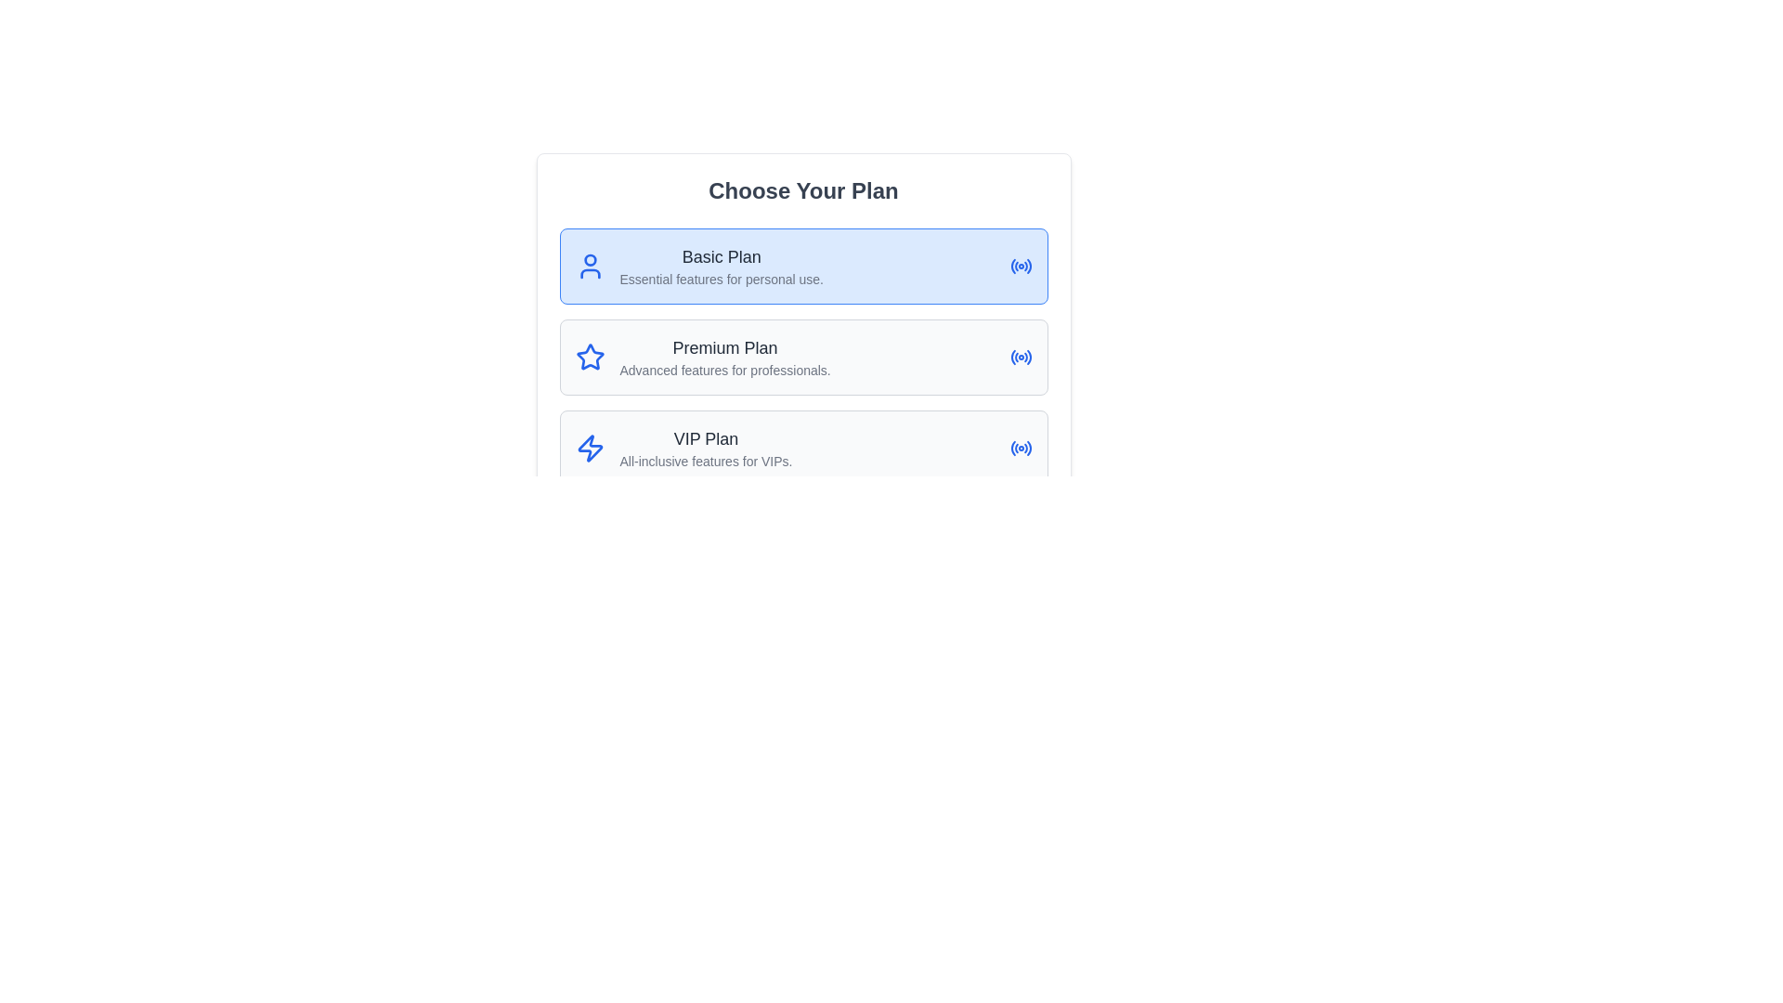 This screenshot has height=1003, width=1783. I want to click on the Static Text Element that describes the features or benefits of the VIP plan option, located below the 'VIP Plan' title label in the subscription plans section, so click(705, 461).